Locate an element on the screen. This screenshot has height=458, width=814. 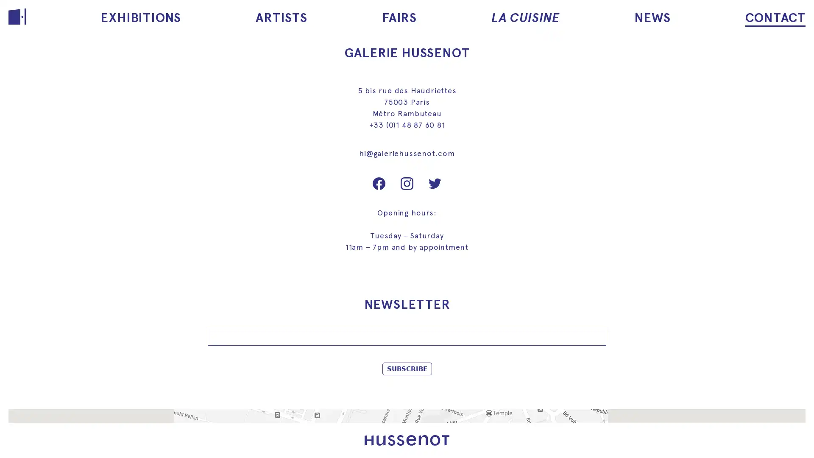
Zoom out is located at coordinates (21, 438).